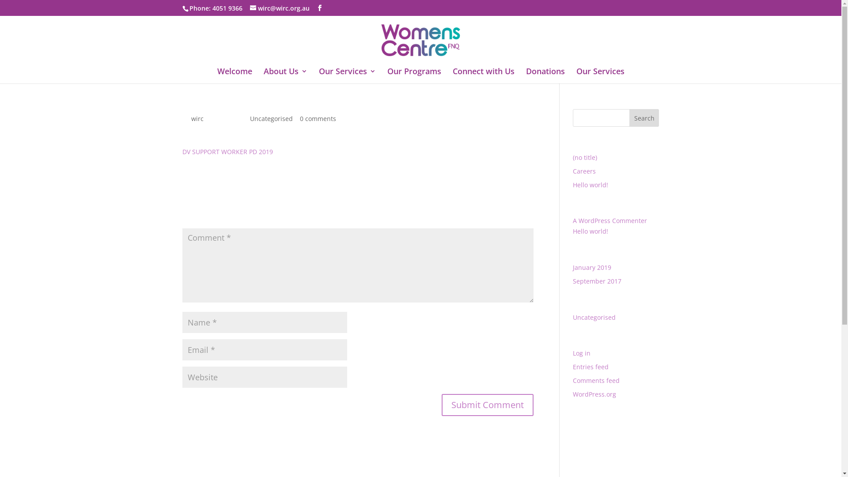 This screenshot has height=477, width=848. I want to click on 'January 2019', so click(592, 267).